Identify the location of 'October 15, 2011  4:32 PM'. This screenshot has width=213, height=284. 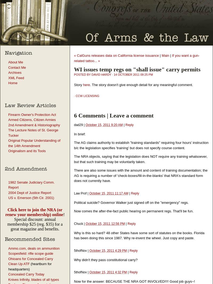
(108, 272).